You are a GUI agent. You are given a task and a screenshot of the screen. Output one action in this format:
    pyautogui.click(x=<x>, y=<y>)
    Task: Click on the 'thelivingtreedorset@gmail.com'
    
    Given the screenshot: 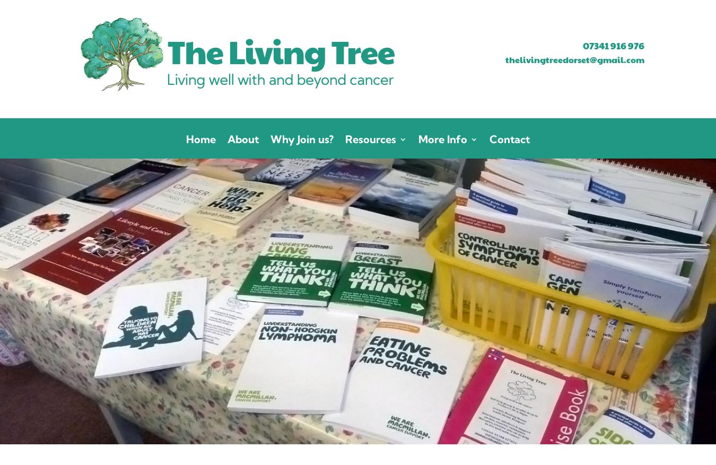 What is the action you would take?
    pyautogui.click(x=504, y=59)
    